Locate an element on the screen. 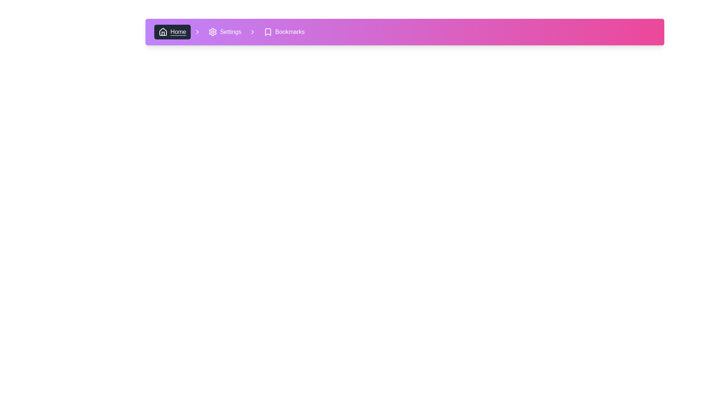 The width and height of the screenshot is (707, 398). the 'Bookmarks' button located in the horizontal navigation bar, which is the third option after 'Home' and 'Settings' is located at coordinates (284, 32).